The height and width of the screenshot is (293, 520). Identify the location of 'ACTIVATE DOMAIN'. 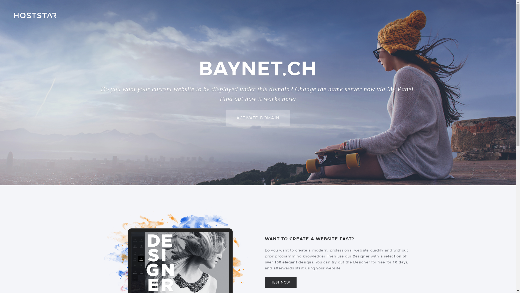
(226, 118).